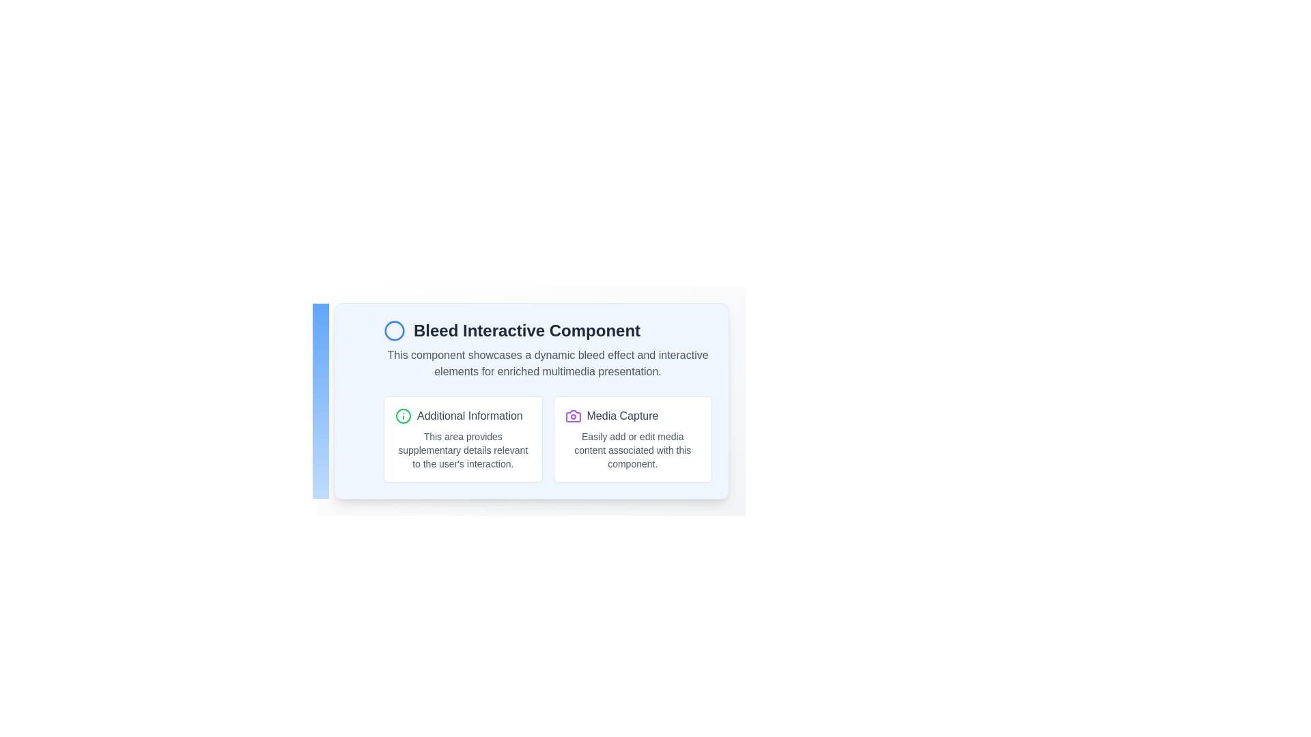 This screenshot has width=1311, height=737. I want to click on text description located below the title 'Bleed Interactive Component' and above the sections 'Additional Information' and 'Media Capture', so click(548, 362).